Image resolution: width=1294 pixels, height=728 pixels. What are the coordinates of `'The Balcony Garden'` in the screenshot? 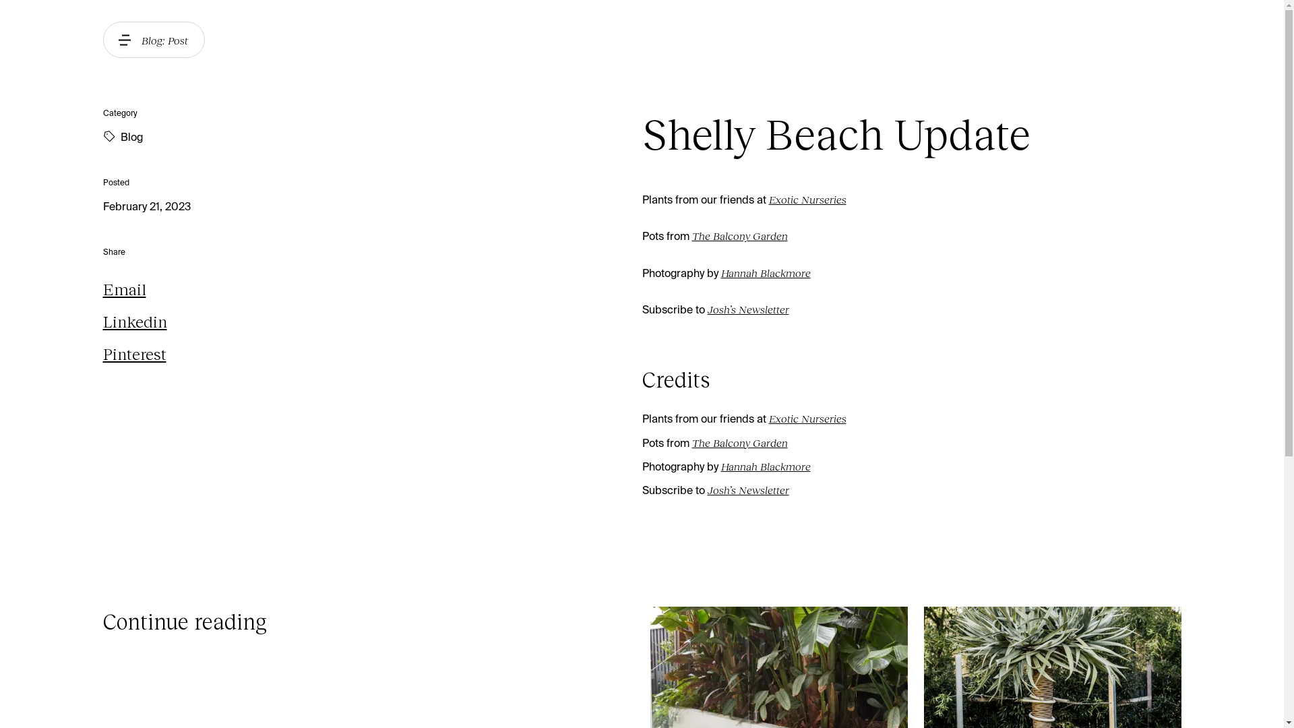 It's located at (739, 442).